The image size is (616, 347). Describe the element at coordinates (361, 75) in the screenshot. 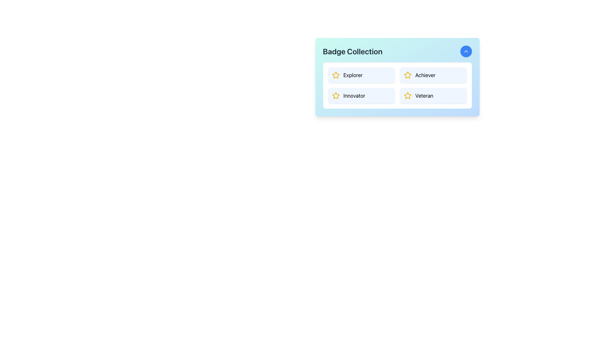

I see `to select the top-left card in the grid, which features a star icon and the text 'Explorer'` at that location.